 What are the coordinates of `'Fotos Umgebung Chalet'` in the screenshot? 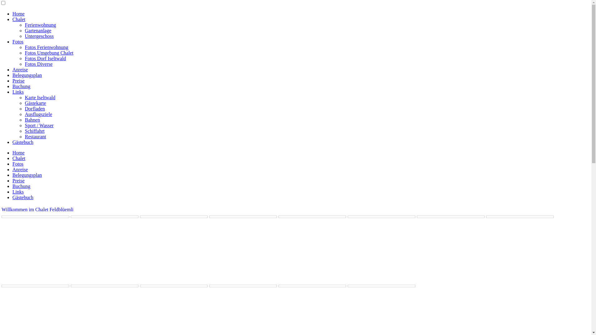 It's located at (49, 52).